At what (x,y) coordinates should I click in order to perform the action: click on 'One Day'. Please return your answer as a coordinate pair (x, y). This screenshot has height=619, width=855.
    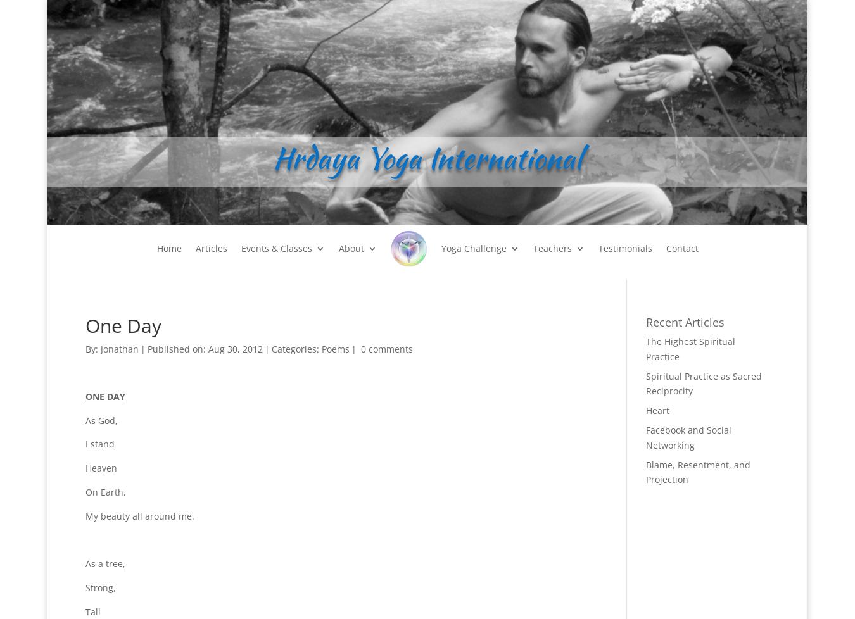
    Looking at the image, I should click on (123, 325).